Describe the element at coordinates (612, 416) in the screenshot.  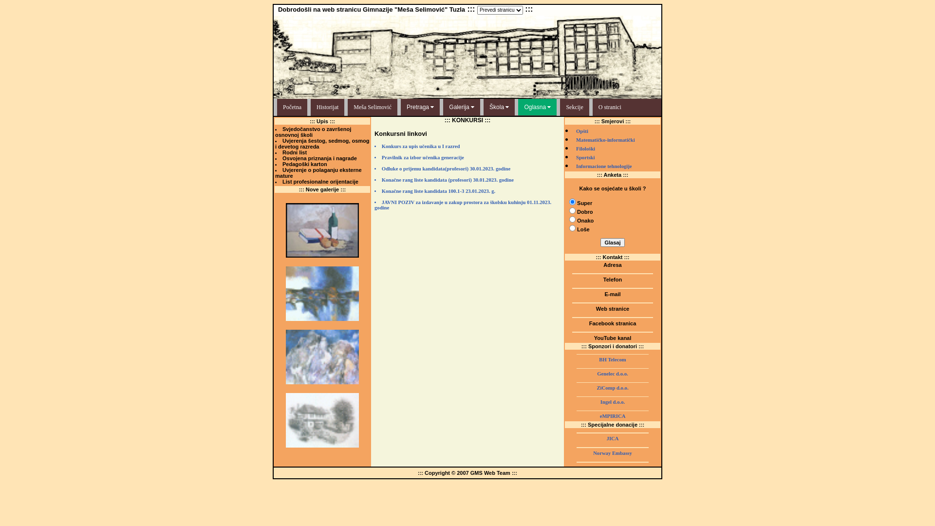
I see `'eMPIRICA'` at that location.